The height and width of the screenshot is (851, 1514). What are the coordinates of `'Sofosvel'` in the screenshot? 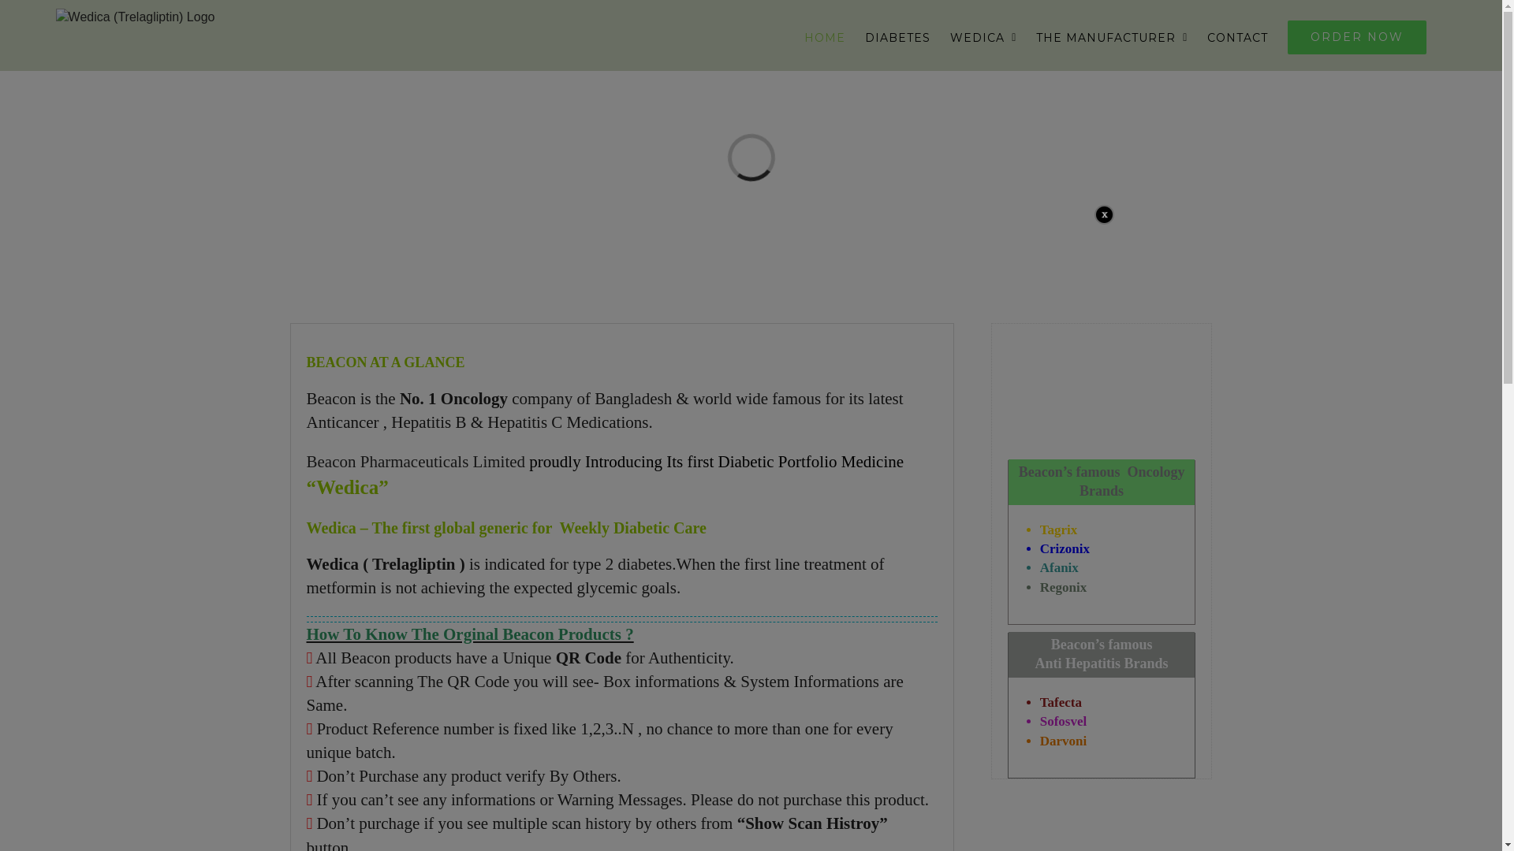 It's located at (1063, 721).